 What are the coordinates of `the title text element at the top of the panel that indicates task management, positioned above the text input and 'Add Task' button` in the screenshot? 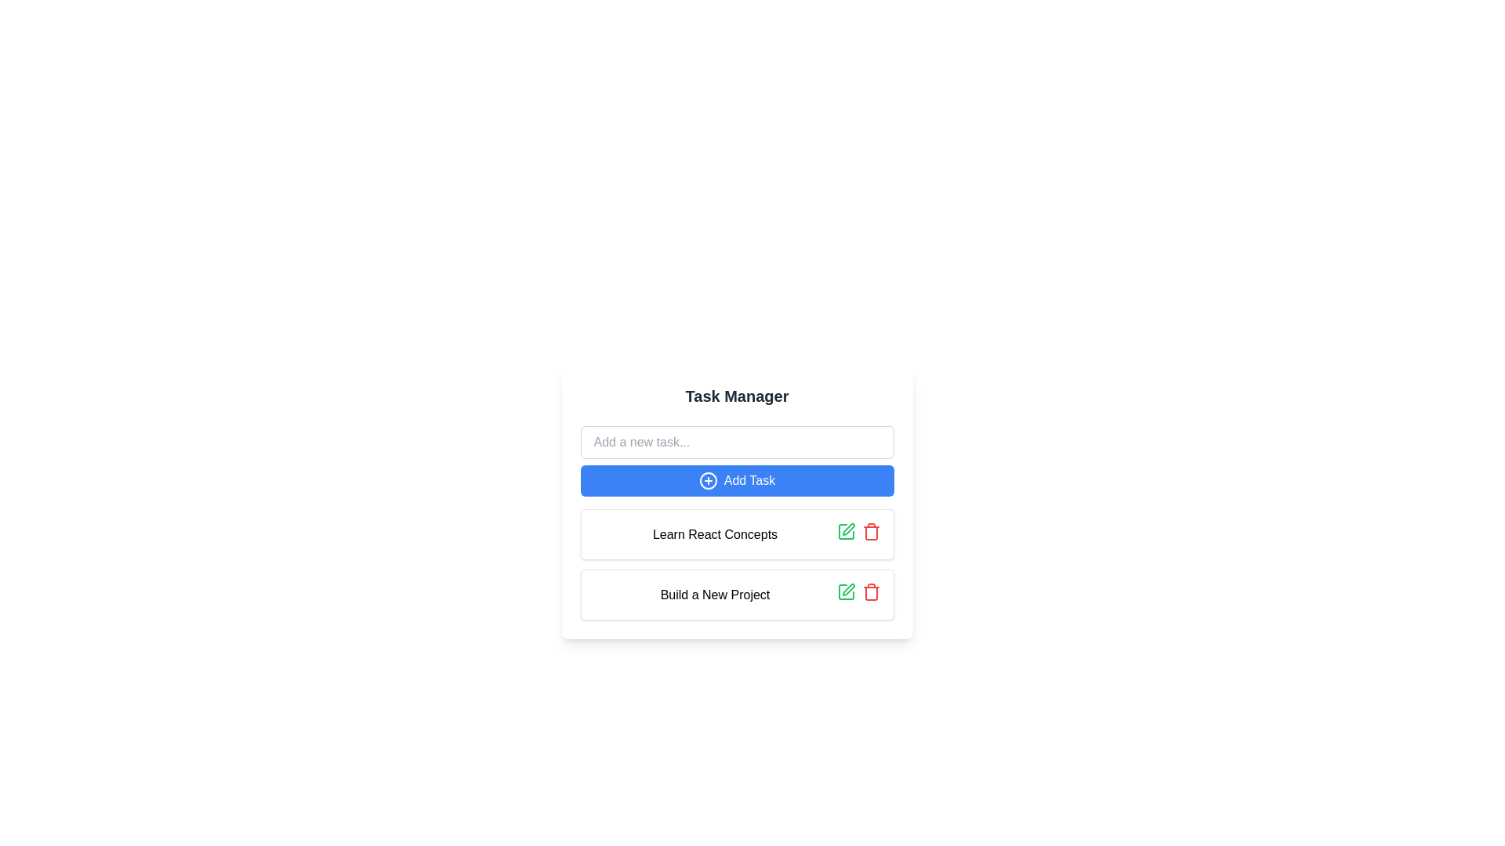 It's located at (736, 395).